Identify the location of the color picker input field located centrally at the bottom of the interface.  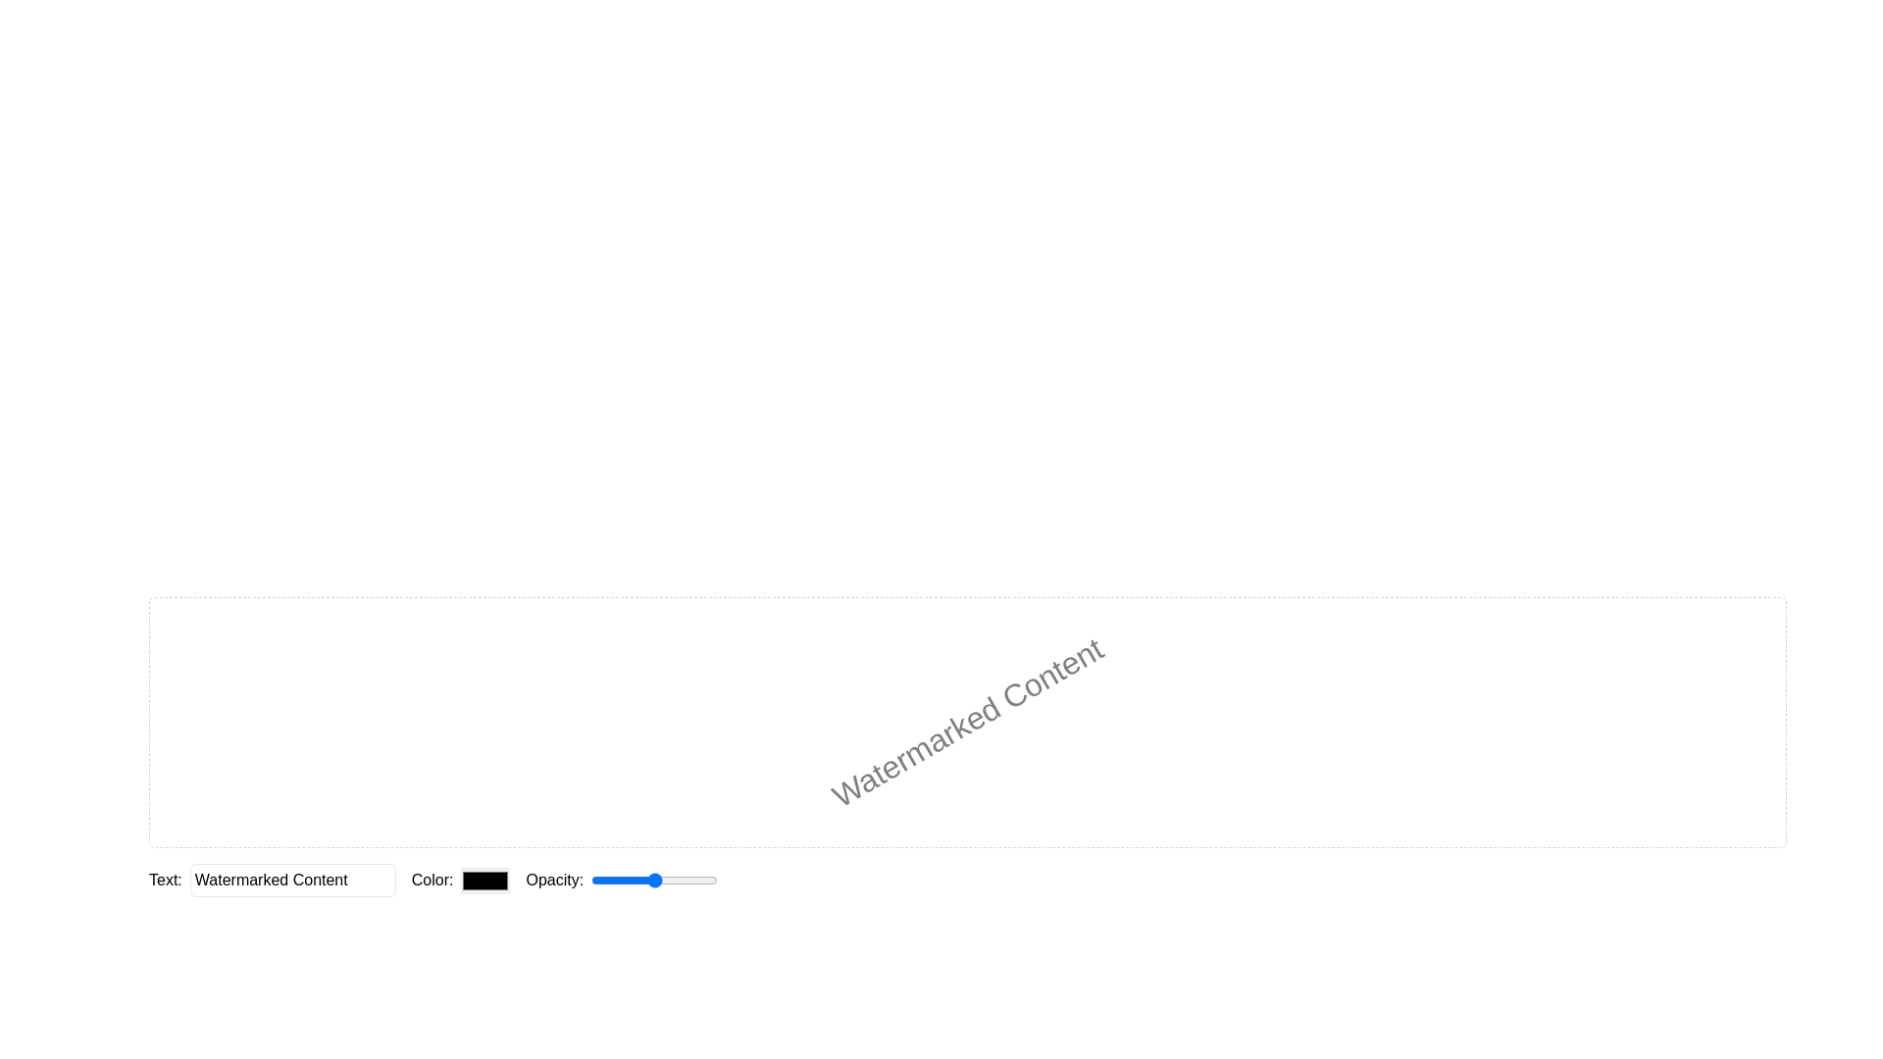
(460, 880).